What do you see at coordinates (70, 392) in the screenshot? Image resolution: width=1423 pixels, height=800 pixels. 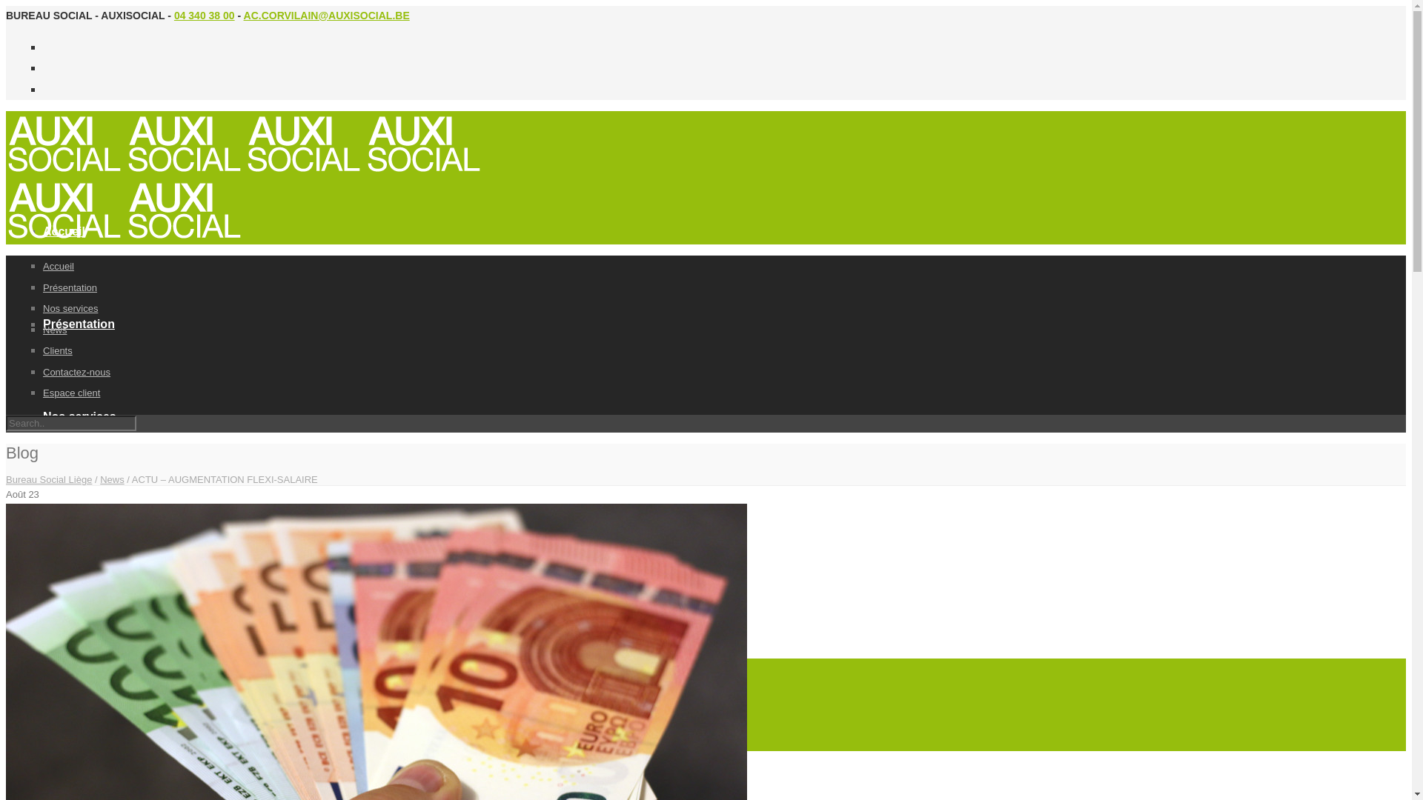 I see `'Espace client'` at bounding box center [70, 392].